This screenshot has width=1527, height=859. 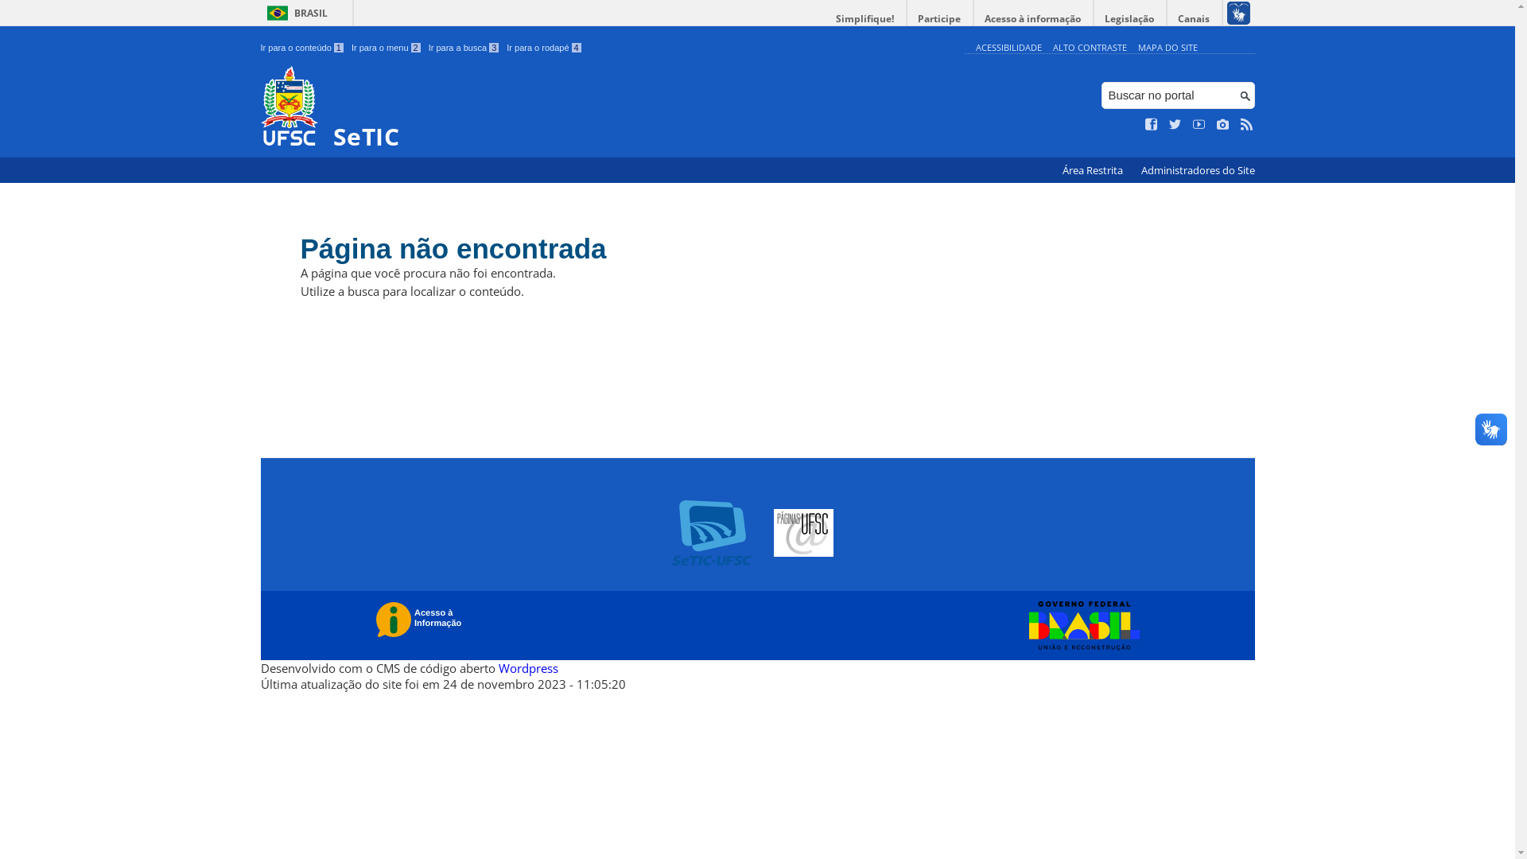 I want to click on 'Curta no Facebook', so click(x=1152, y=124).